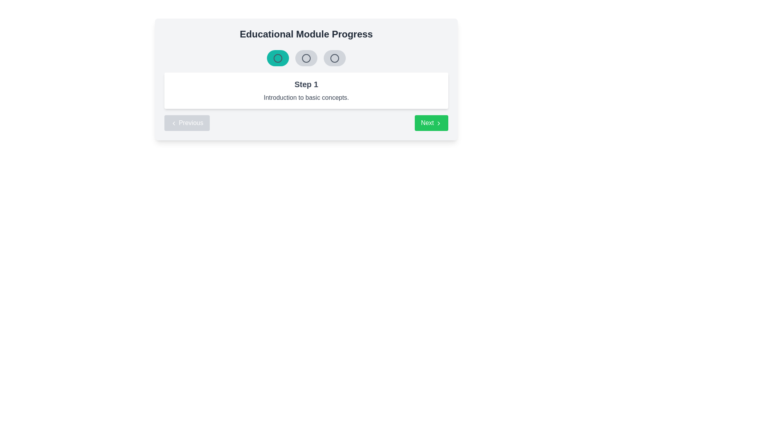 The image size is (757, 426). I want to click on the third progress indicator button located above 'Step 1' and below 'Educational Module Progress', so click(335, 57).